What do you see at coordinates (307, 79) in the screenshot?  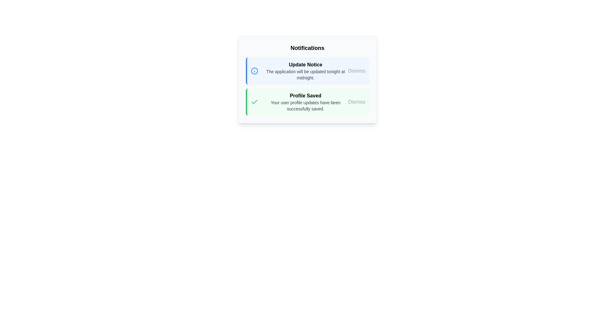 I see `notifications from the notification panel situated beneath the 'Notifications' header text, which contains multiple vertically stacked notification blocks` at bounding box center [307, 79].